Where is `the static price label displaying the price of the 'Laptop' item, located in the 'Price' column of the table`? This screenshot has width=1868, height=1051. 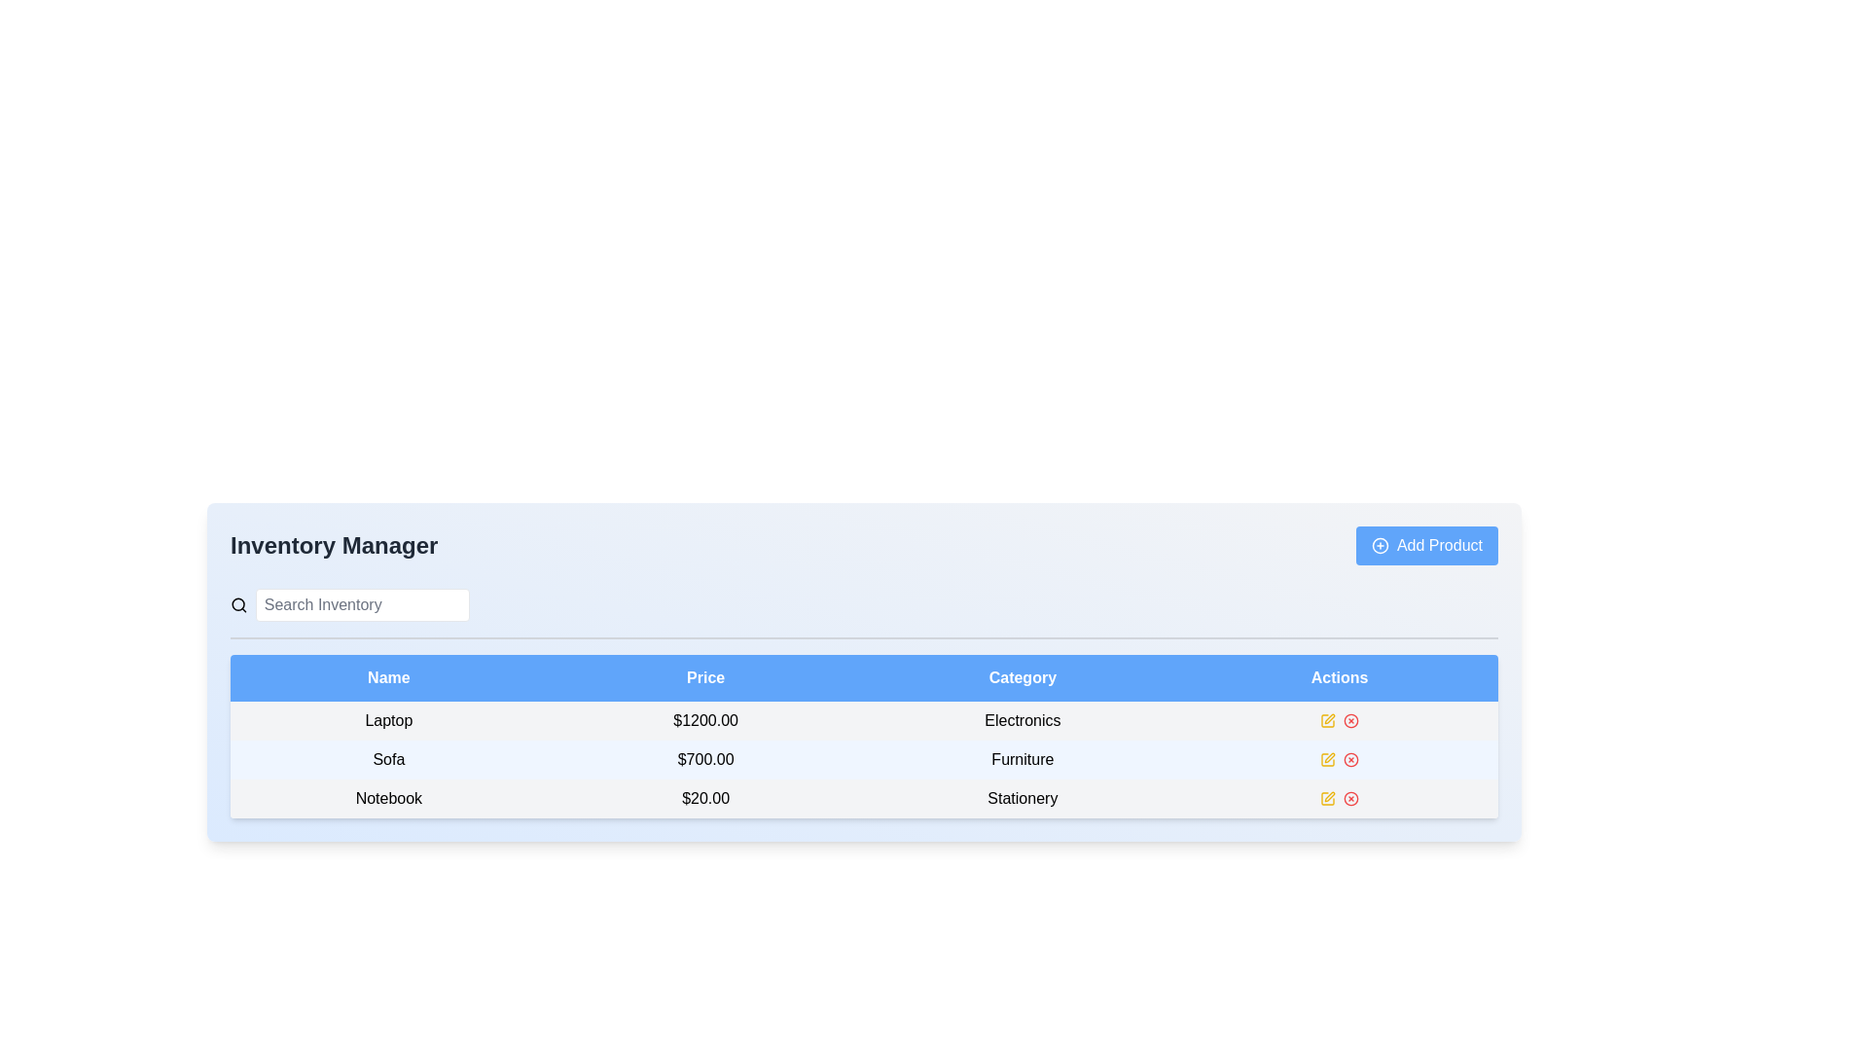 the static price label displaying the price of the 'Laptop' item, located in the 'Price' column of the table is located at coordinates (704, 720).